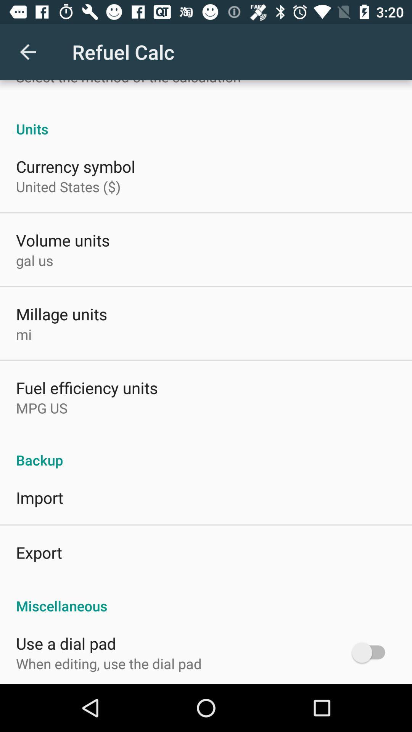 The width and height of the screenshot is (412, 732). Describe the element at coordinates (23, 334) in the screenshot. I see `mi` at that location.